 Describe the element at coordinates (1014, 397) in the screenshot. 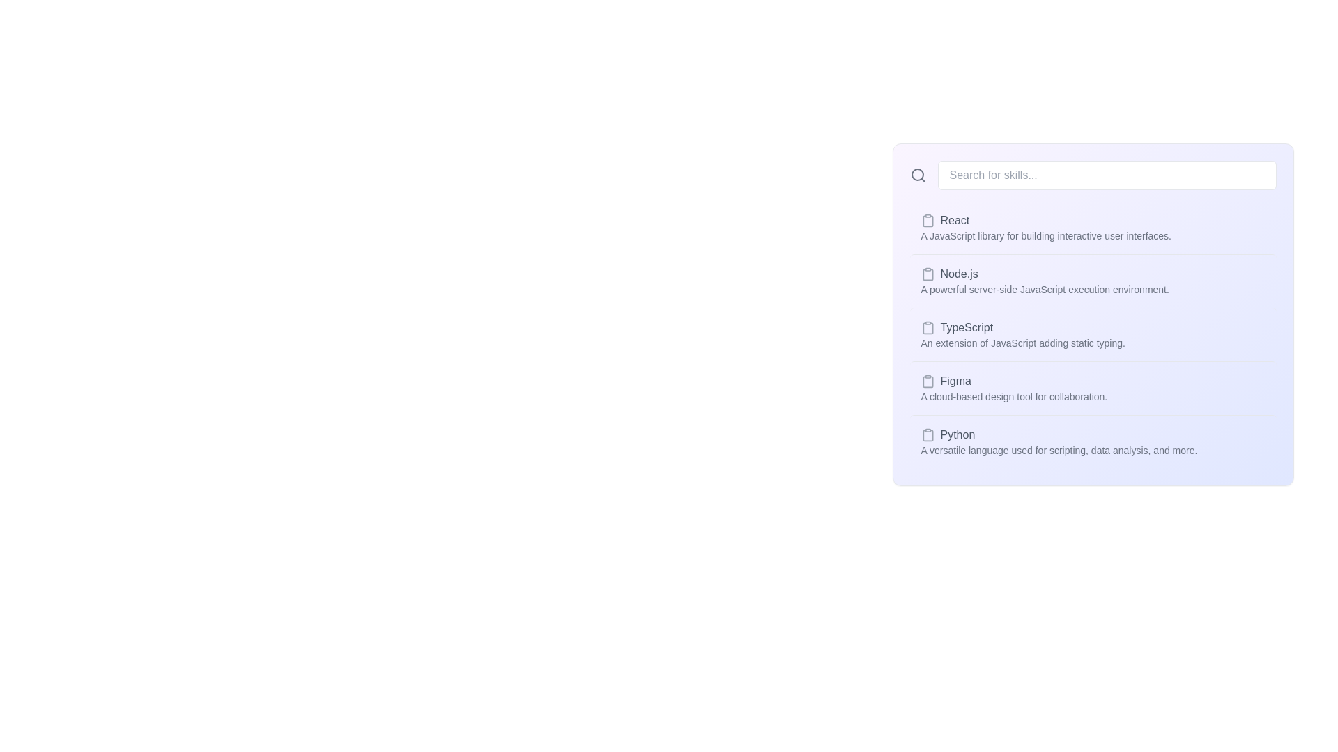

I see `descriptive text 'A cloud-based design tool for collaboration.' located beneath the 'Figma' label in the fourth item of the list` at that location.